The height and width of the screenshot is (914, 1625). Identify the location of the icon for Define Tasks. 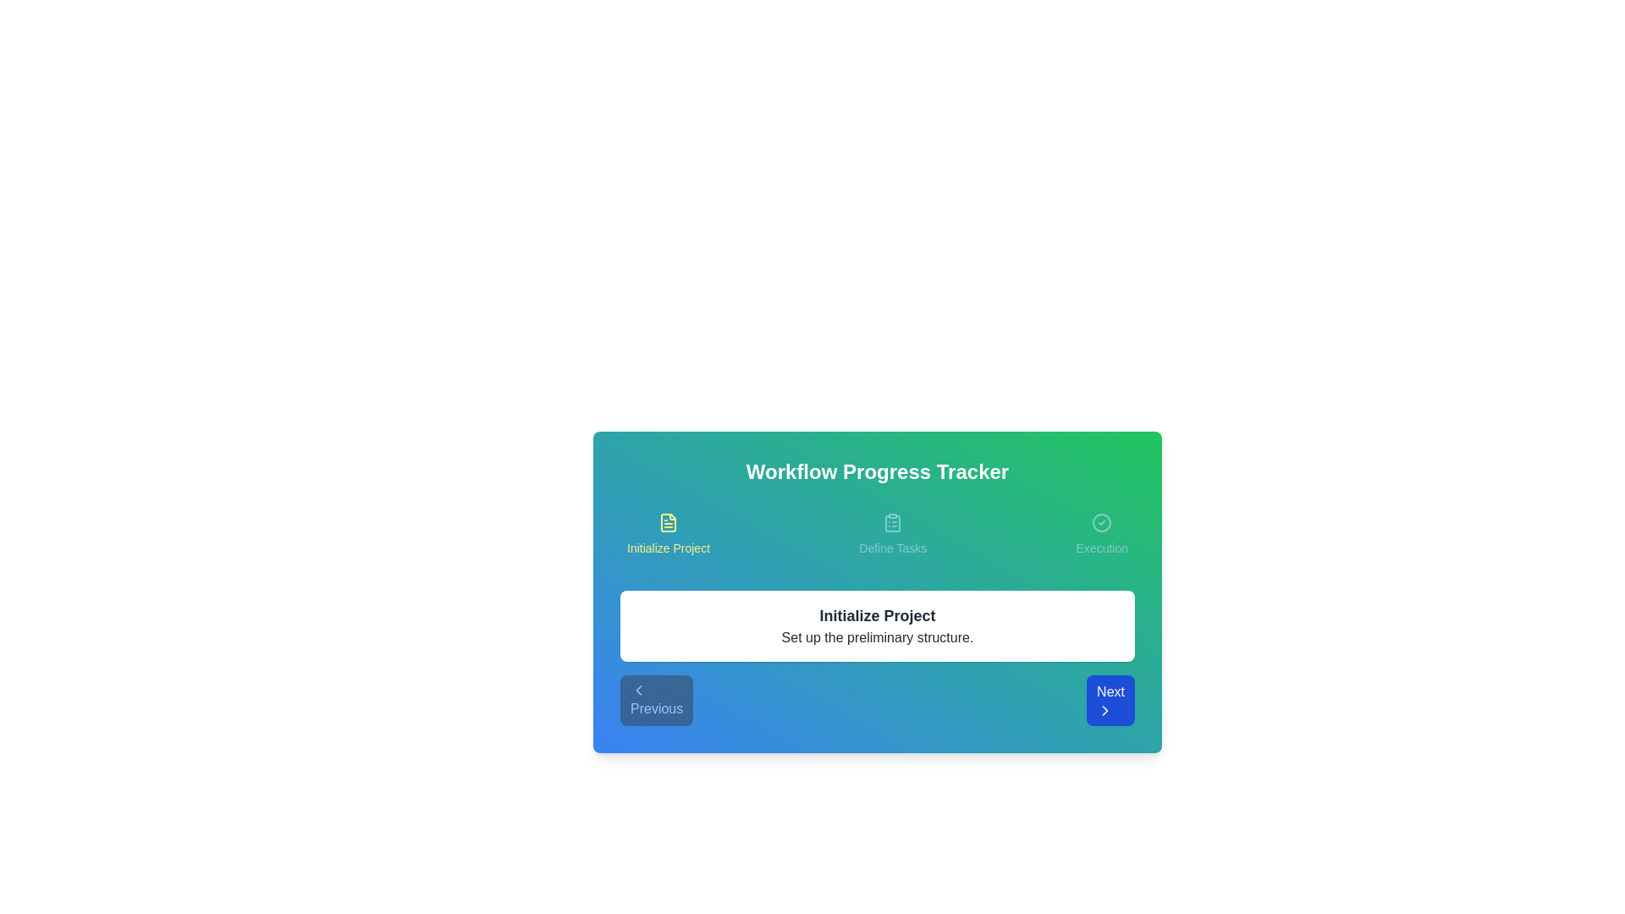
(892, 521).